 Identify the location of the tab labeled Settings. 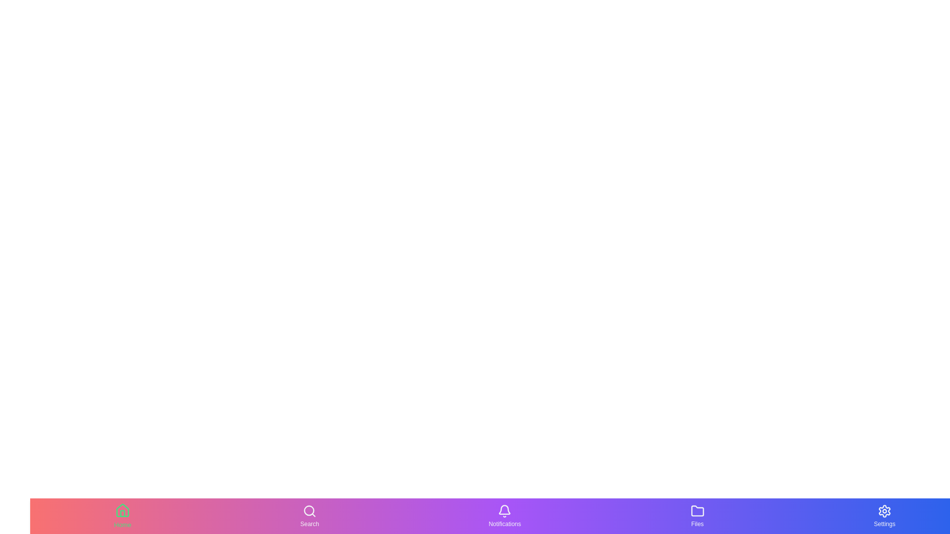
(884, 516).